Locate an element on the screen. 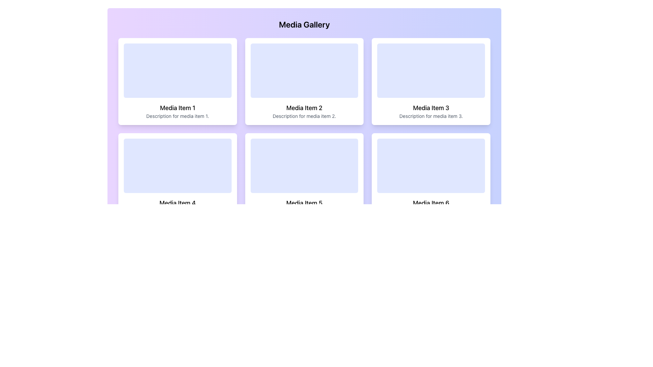 The width and height of the screenshot is (653, 367). descriptive text label stating 'Description for media item 2.' located below the heading 'Media Item 2' in the Media Gallery grid is located at coordinates (304, 116).